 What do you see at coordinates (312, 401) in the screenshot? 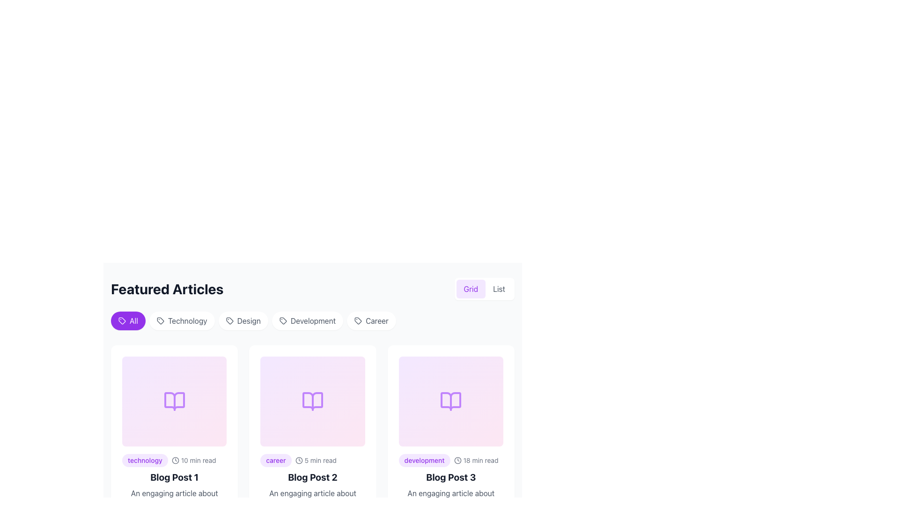
I see `the book icon representing 'Blog Post 2' located within the second card of the 'Featured Articles' section` at bounding box center [312, 401].